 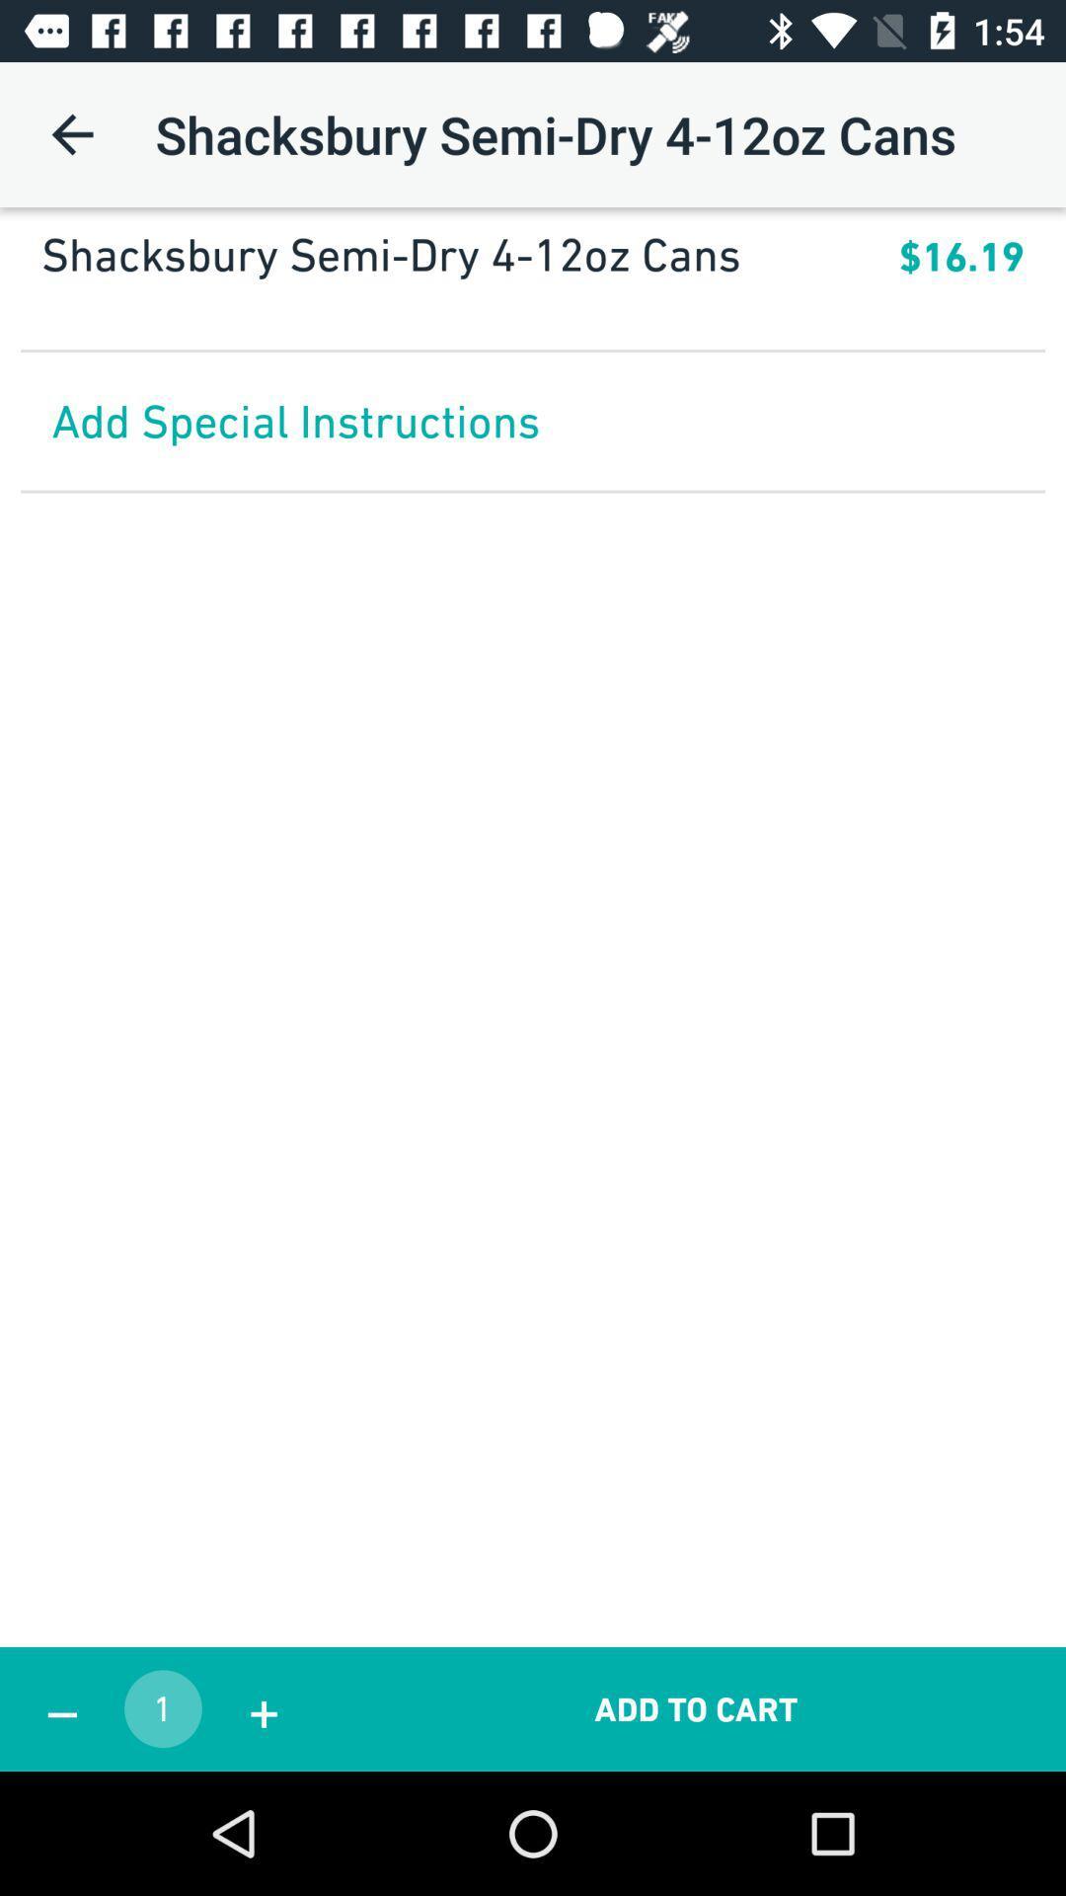 What do you see at coordinates (263, 1708) in the screenshot?
I see `item next to add to cart button` at bounding box center [263, 1708].